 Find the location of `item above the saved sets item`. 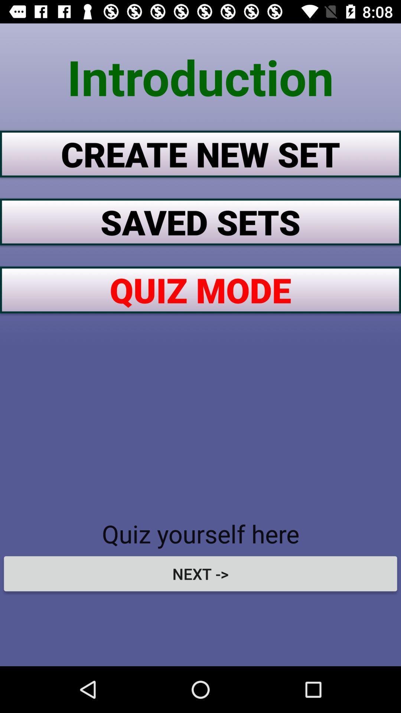

item above the saved sets item is located at coordinates (200, 153).